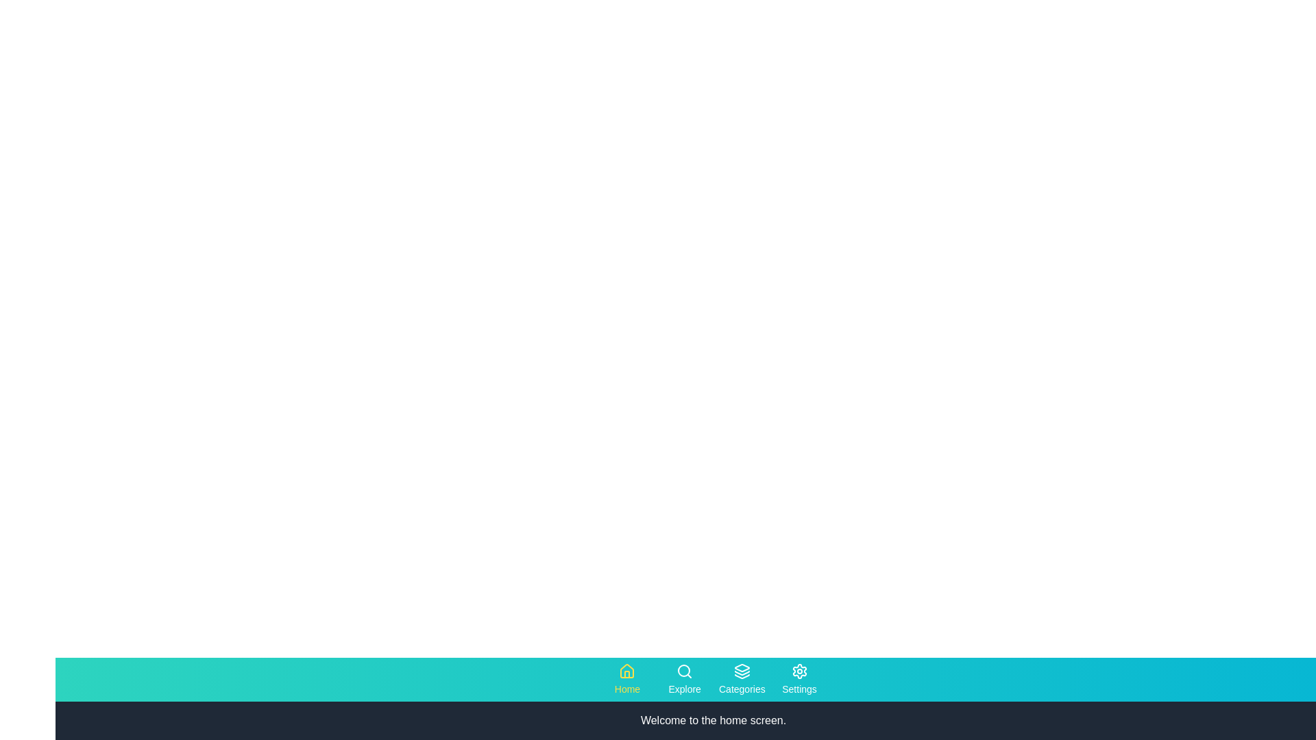 This screenshot has height=740, width=1316. Describe the element at coordinates (741, 679) in the screenshot. I see `the tab labeled 'Categories' to observe the visual effect` at that location.